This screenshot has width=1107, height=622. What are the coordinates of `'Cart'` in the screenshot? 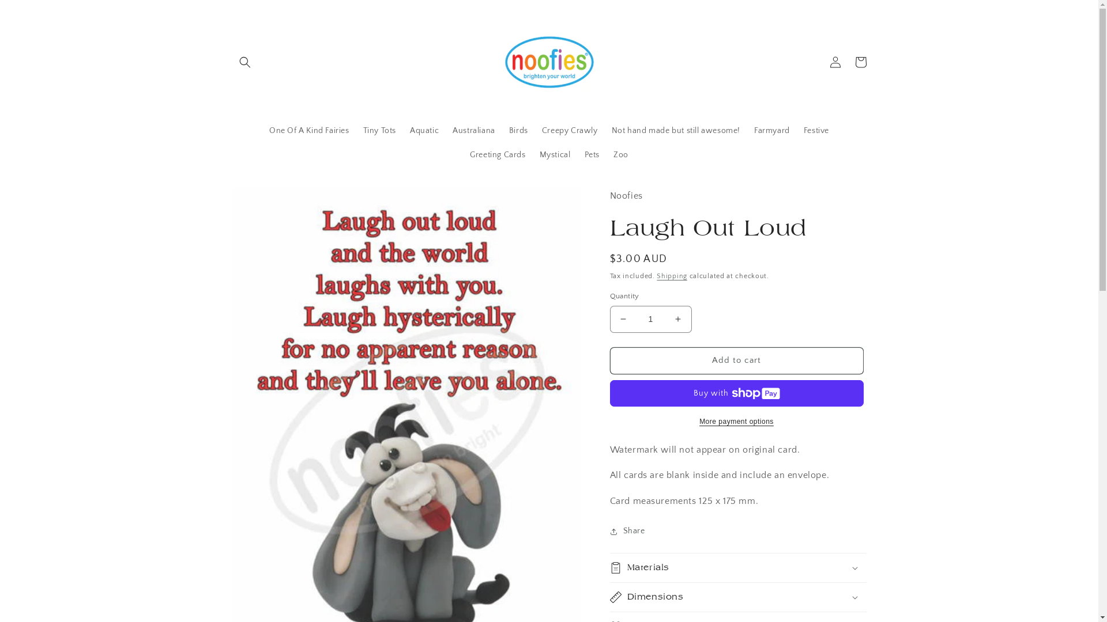 It's located at (847, 62).